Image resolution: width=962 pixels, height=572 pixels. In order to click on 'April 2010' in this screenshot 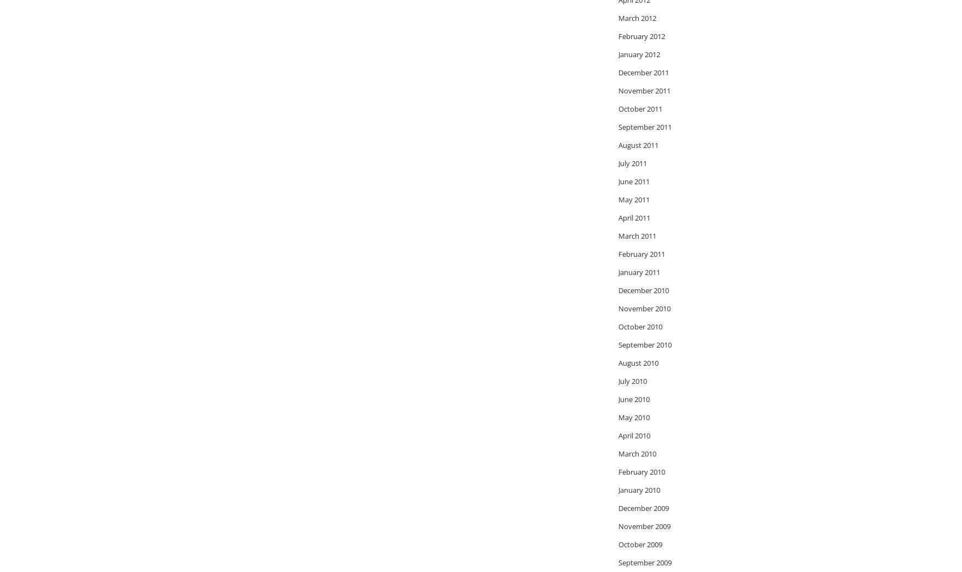, I will do `click(633, 435)`.